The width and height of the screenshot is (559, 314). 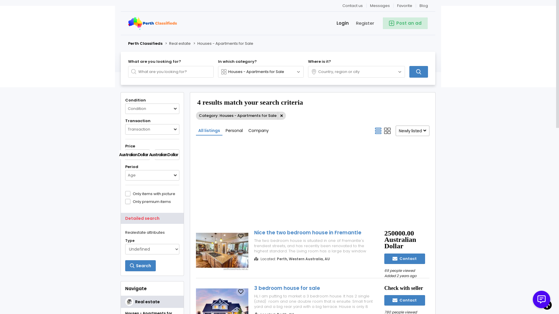 I want to click on 'Login', so click(x=339, y=23).